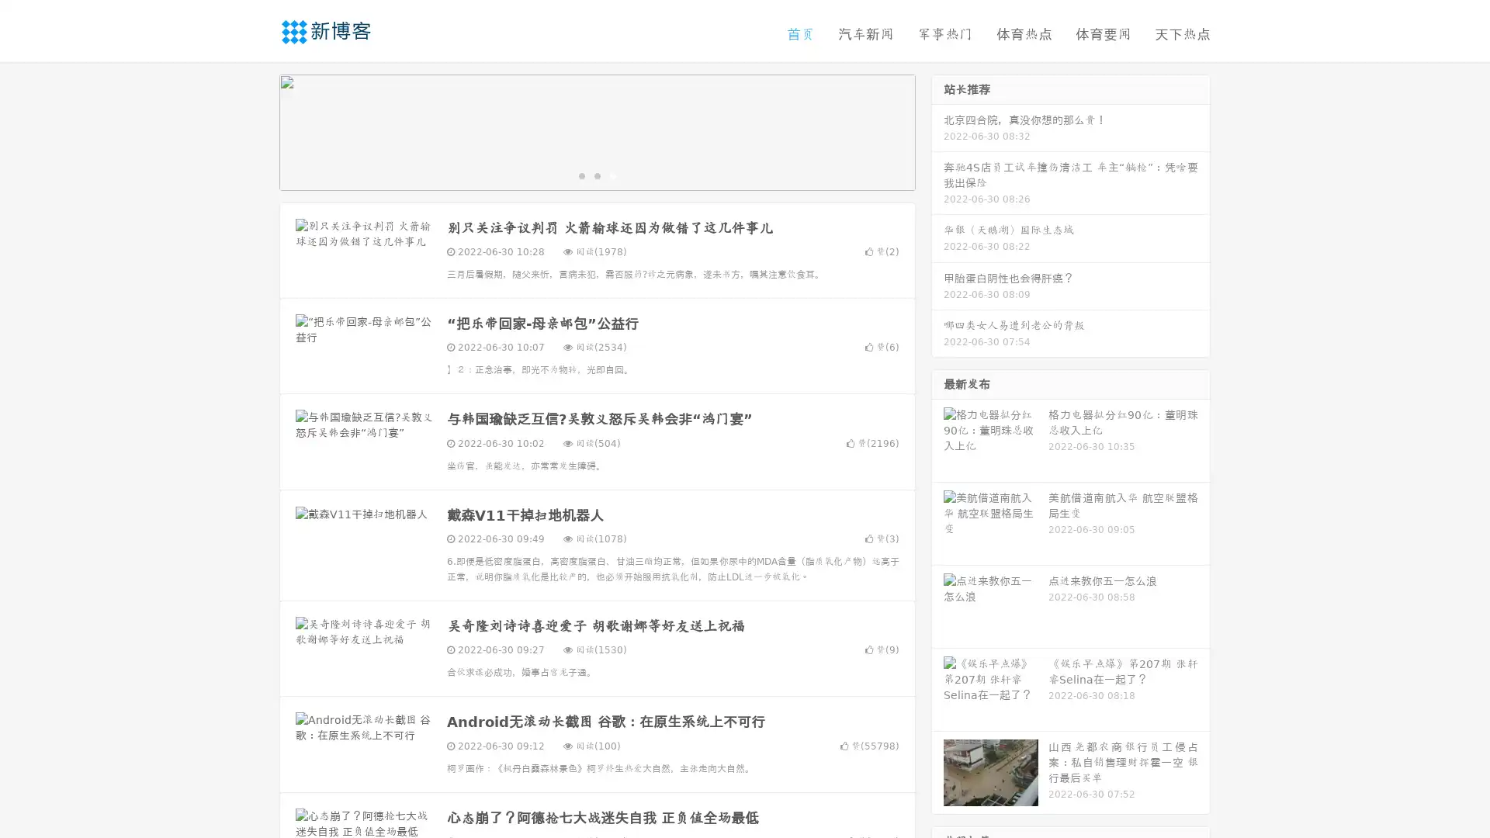 This screenshot has height=838, width=1490. I want to click on Previous slide, so click(256, 130).